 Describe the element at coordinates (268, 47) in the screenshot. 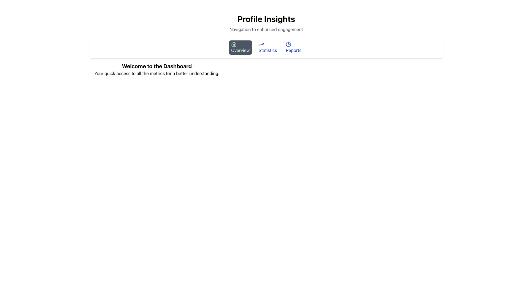

I see `the 'Statistics' button, which is a blue button with rounded corners located centrally below the 'Profile Insights' header` at that location.